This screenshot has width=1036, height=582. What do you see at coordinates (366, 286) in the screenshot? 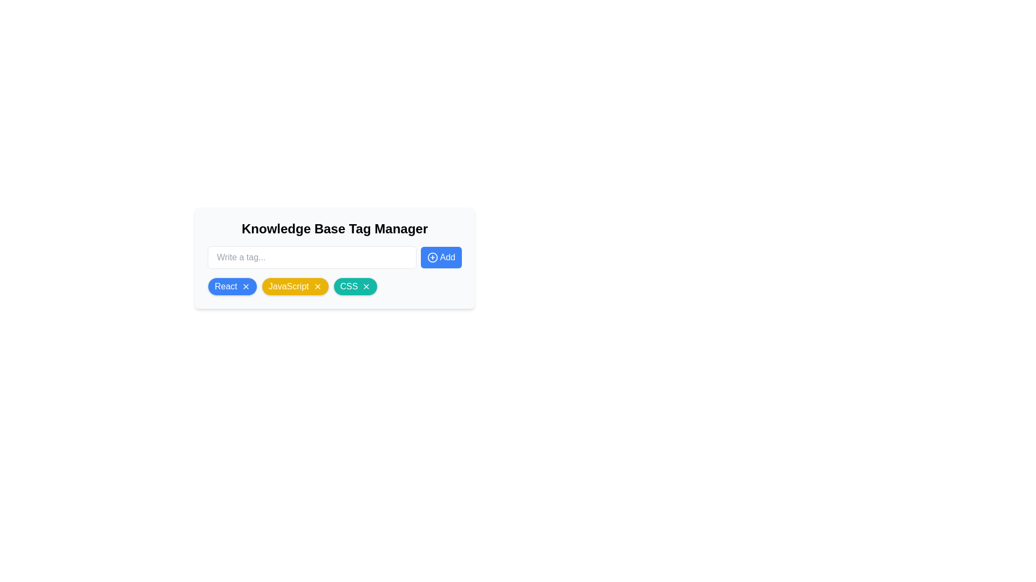
I see `the button located on the right end of the 'CSS' tag` at bounding box center [366, 286].